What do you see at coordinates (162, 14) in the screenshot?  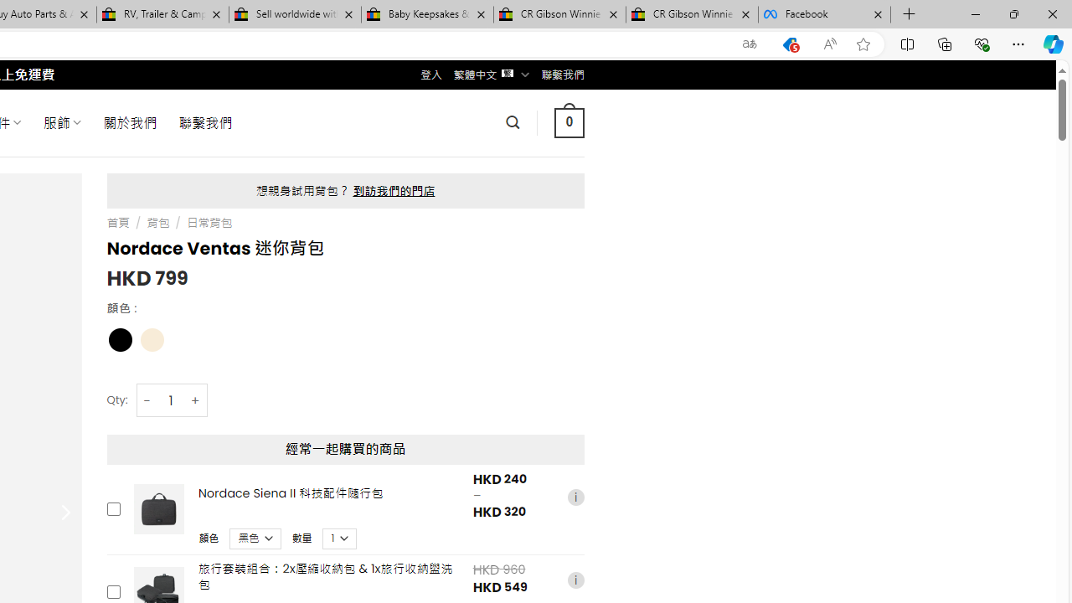 I see `'RV, Trailer & Camper Steps & Ladders for sale | eBay'` at bounding box center [162, 14].